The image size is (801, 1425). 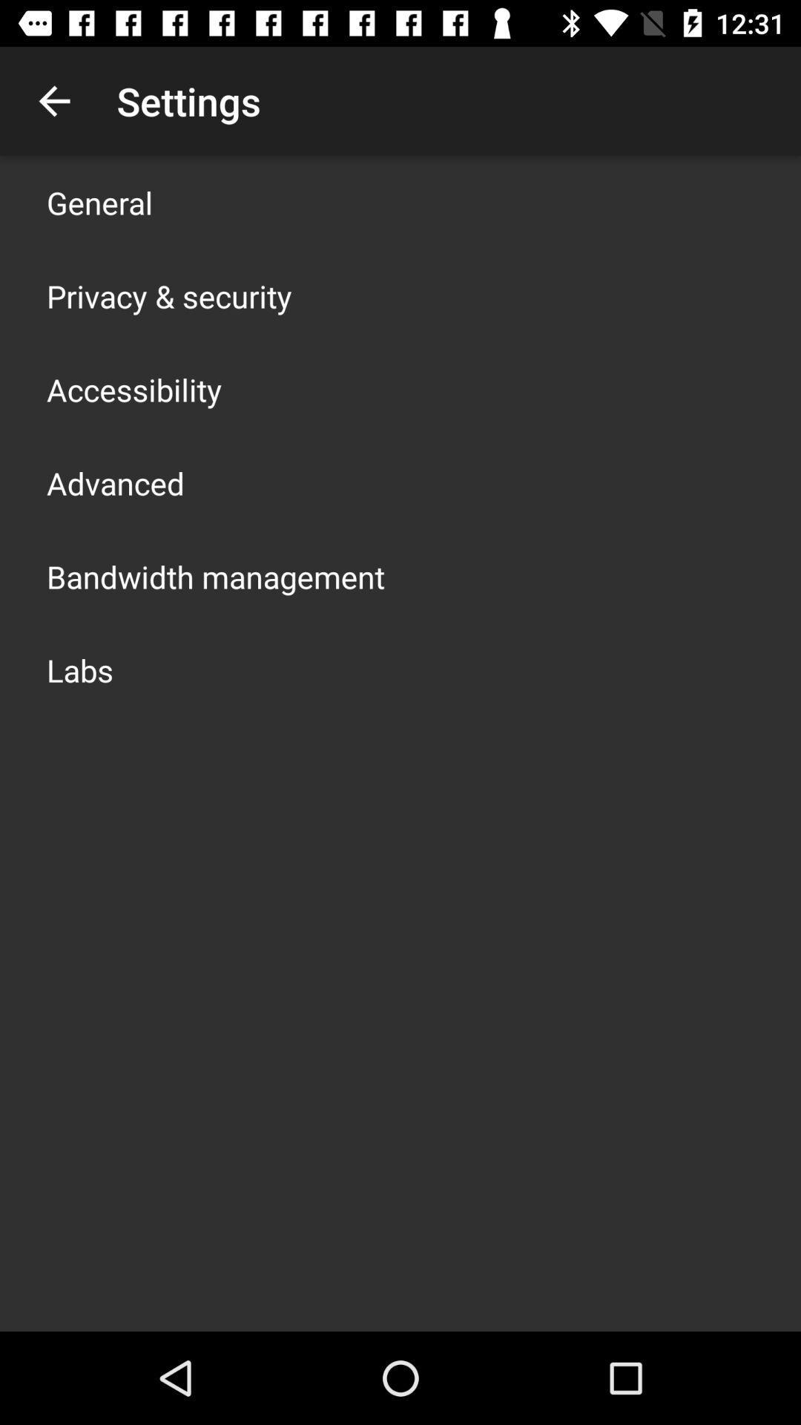 What do you see at coordinates (99, 202) in the screenshot?
I see `icon above the privacy & security app` at bounding box center [99, 202].